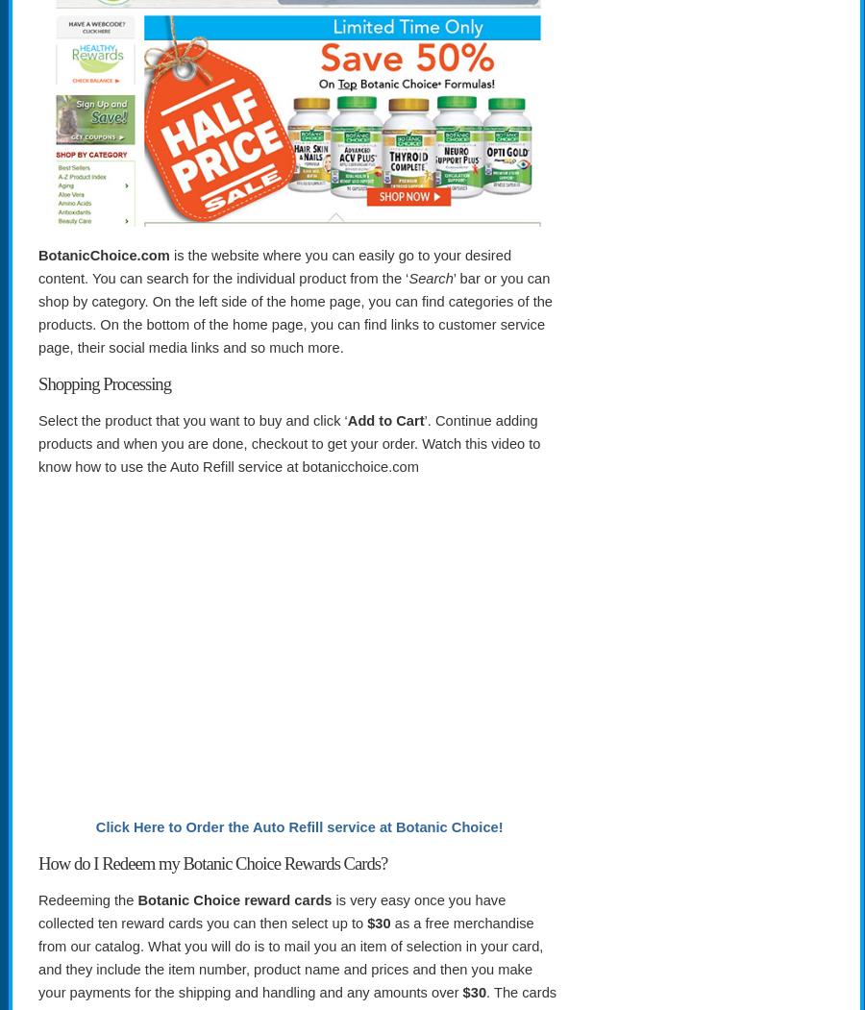  I want to click on 'is the website where you can easily go to your desired content. You can search for the individual product from the ‘', so click(37, 266).